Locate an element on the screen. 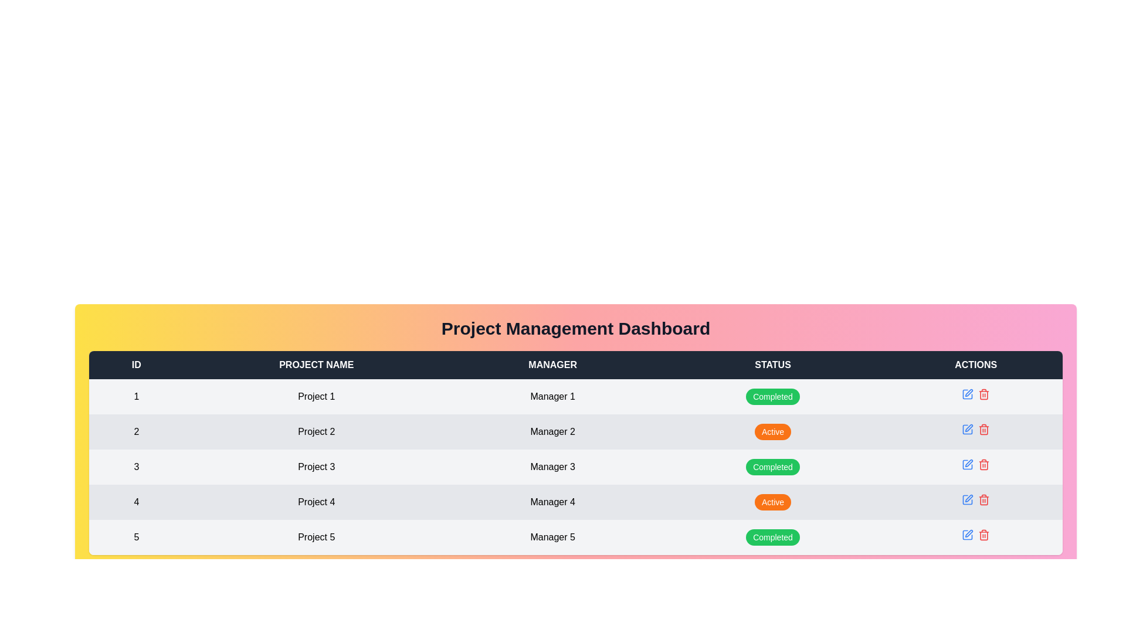 The image size is (1126, 633). the edit icon located in the fourth row of the 'Actions' column corresponding to 'Project 4' to initiate editing is located at coordinates (968, 499).